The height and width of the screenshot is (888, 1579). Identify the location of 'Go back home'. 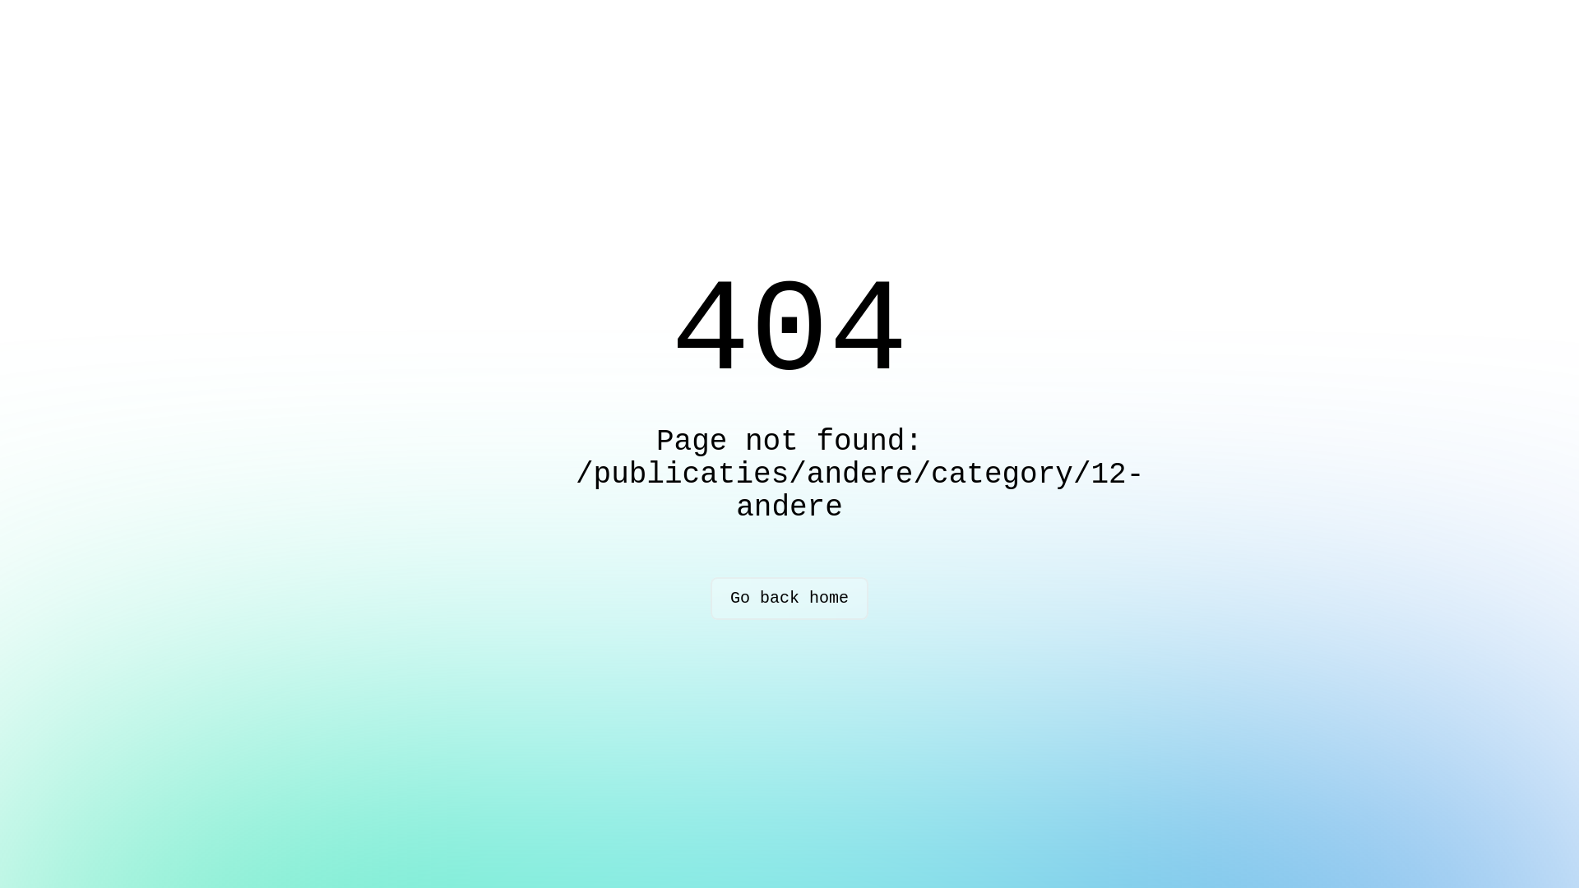
(789, 599).